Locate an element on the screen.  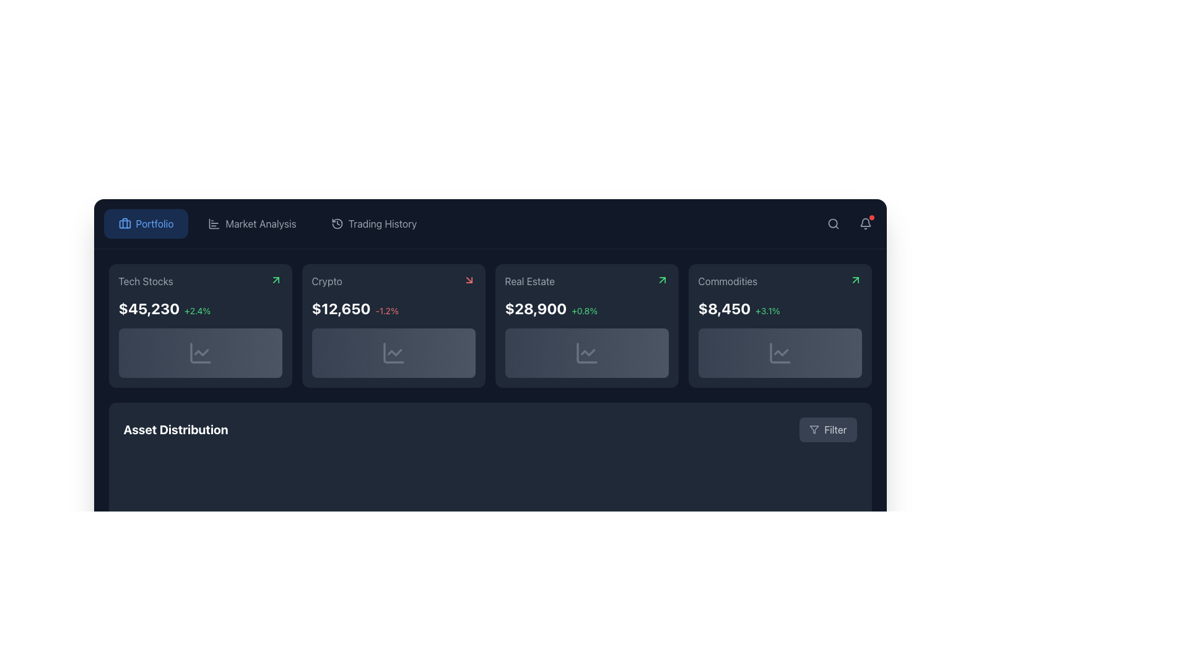
the vector graphic segment representing data trends in the 'Commodities' section of the dashboard interface, located in the fourth card of the top row is located at coordinates (779, 353).